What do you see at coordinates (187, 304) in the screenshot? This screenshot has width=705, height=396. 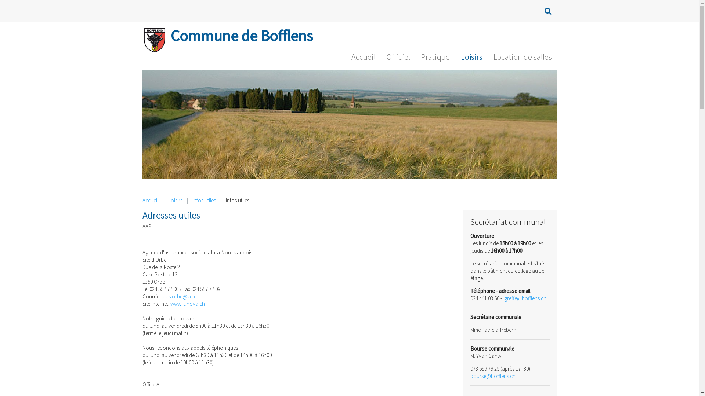 I see `'www.junova.ch'` at bounding box center [187, 304].